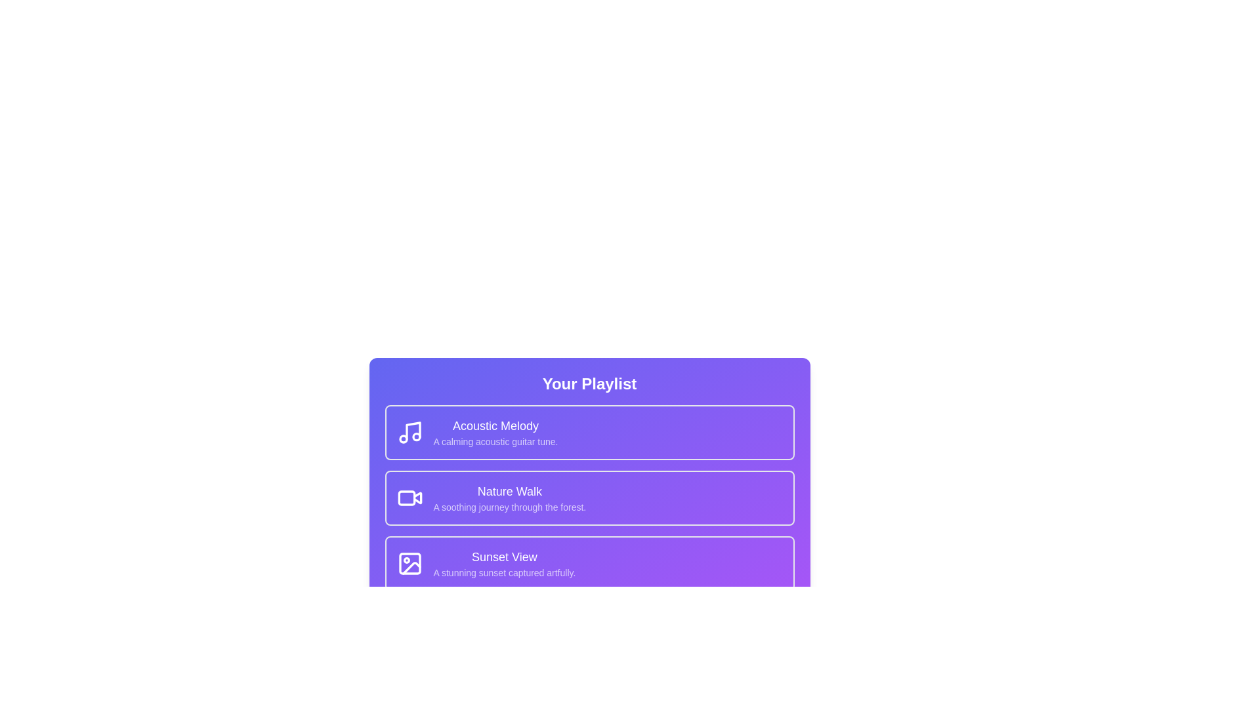 This screenshot has height=708, width=1260. Describe the element at coordinates (589, 432) in the screenshot. I see `the playlist item corresponding to Acoustic Melody` at that location.